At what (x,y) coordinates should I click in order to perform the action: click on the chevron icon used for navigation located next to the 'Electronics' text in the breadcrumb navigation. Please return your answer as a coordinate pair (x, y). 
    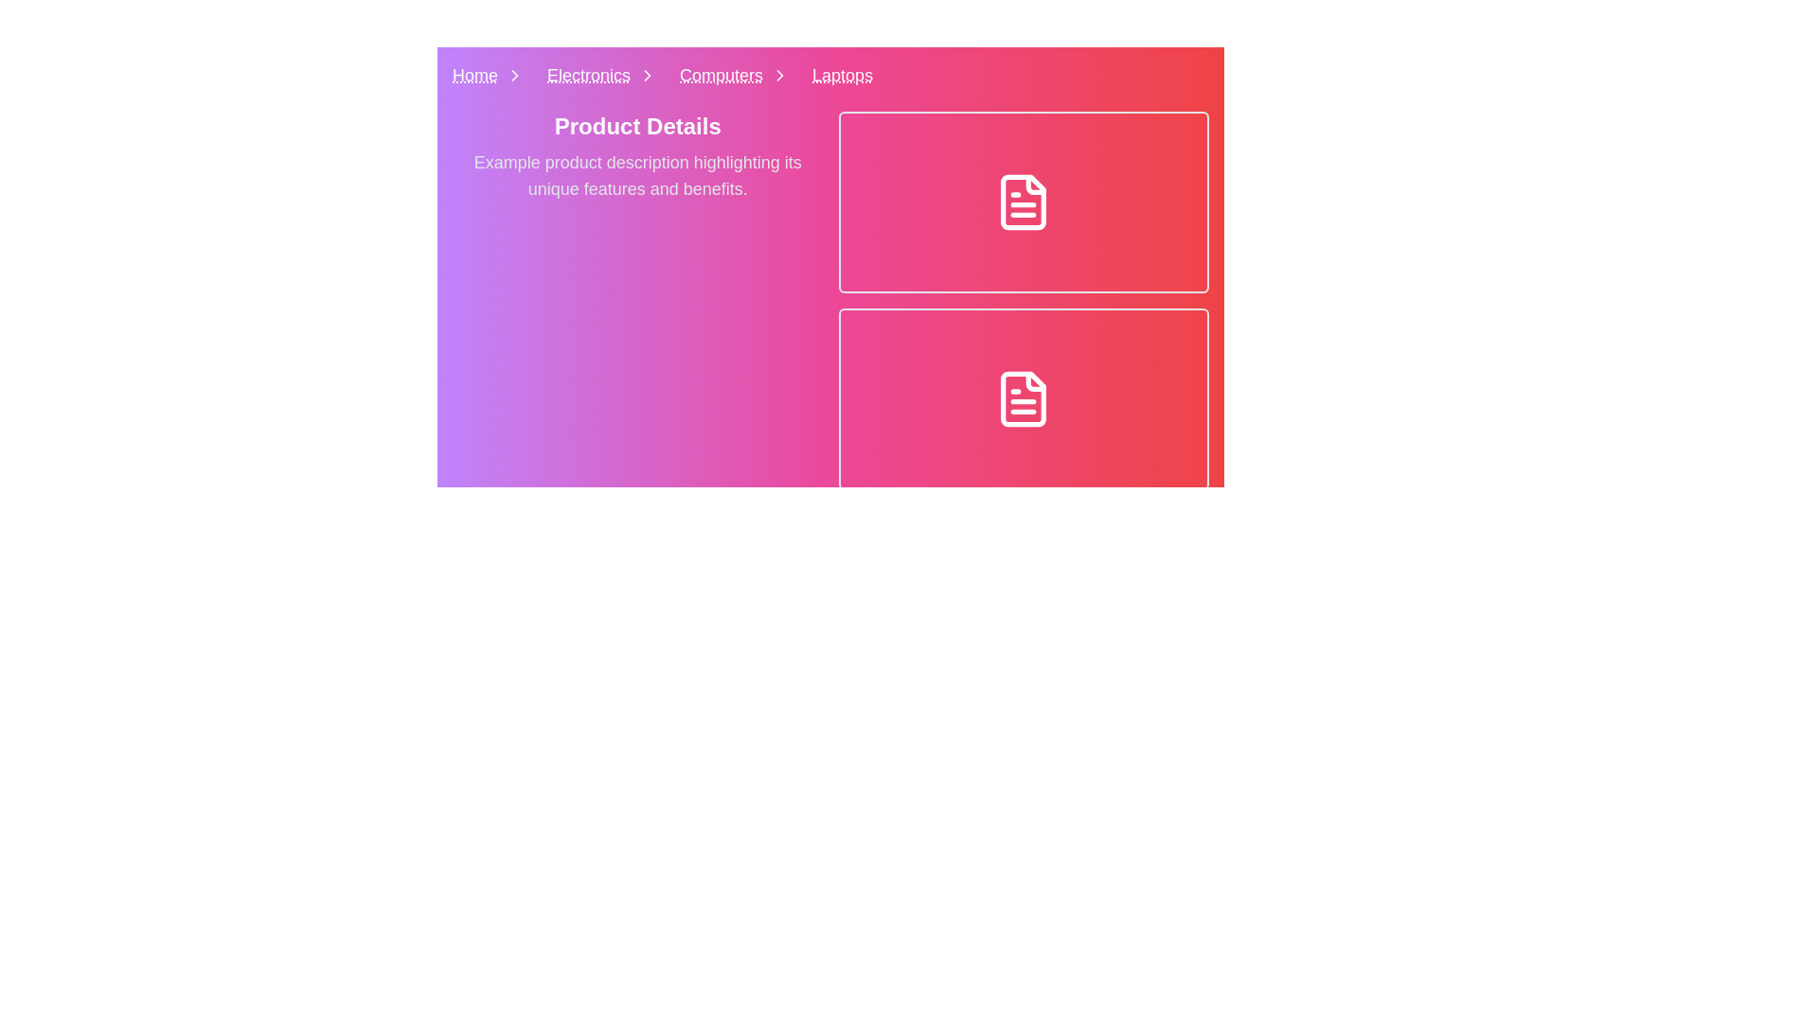
    Looking at the image, I should click on (648, 75).